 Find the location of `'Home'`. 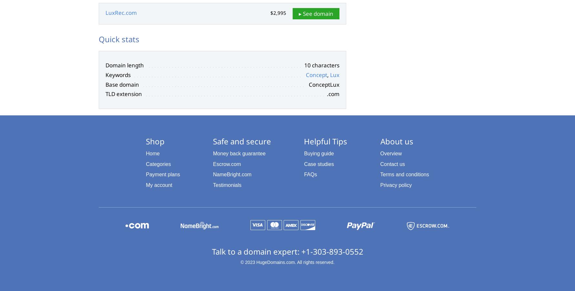

'Home' is located at coordinates (152, 153).